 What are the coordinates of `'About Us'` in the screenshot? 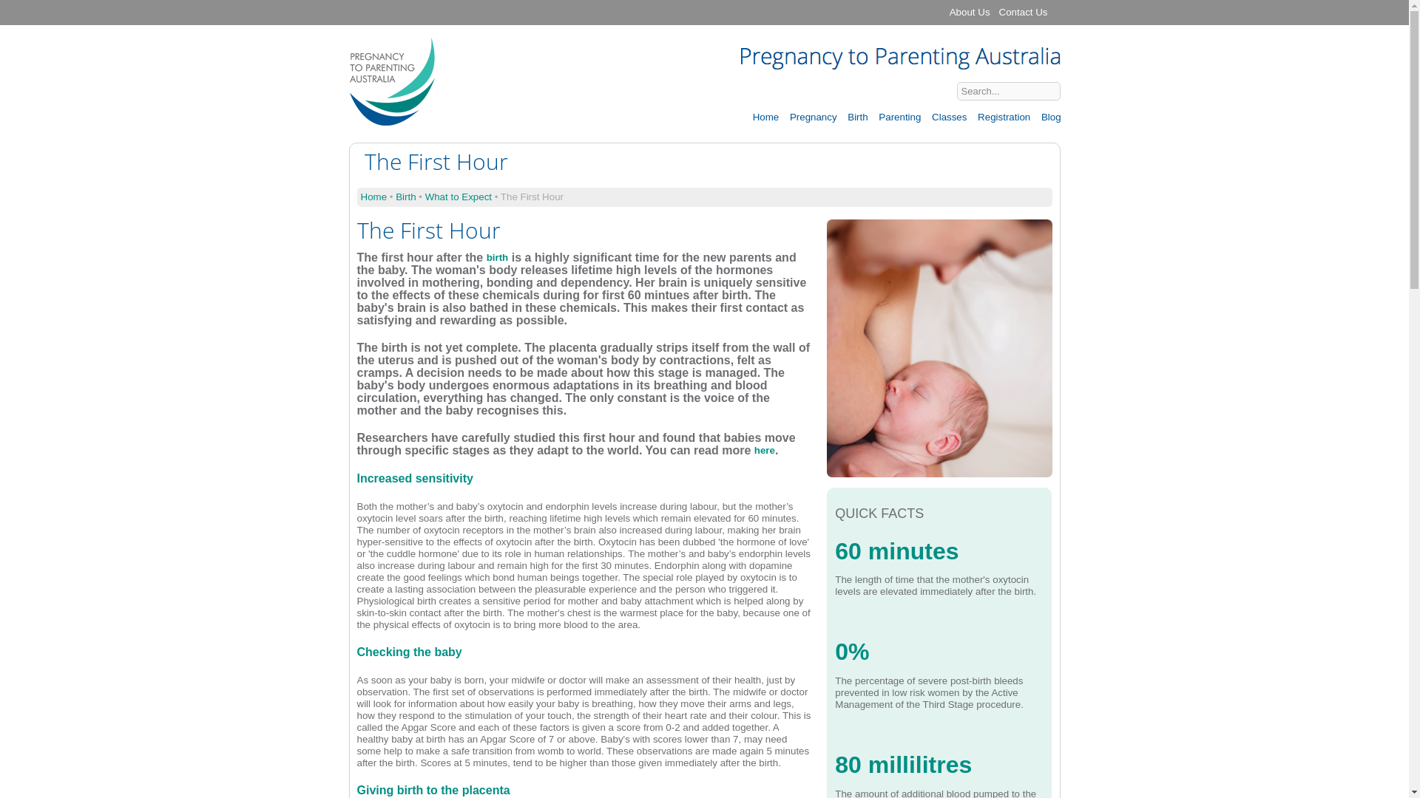 It's located at (970, 12).